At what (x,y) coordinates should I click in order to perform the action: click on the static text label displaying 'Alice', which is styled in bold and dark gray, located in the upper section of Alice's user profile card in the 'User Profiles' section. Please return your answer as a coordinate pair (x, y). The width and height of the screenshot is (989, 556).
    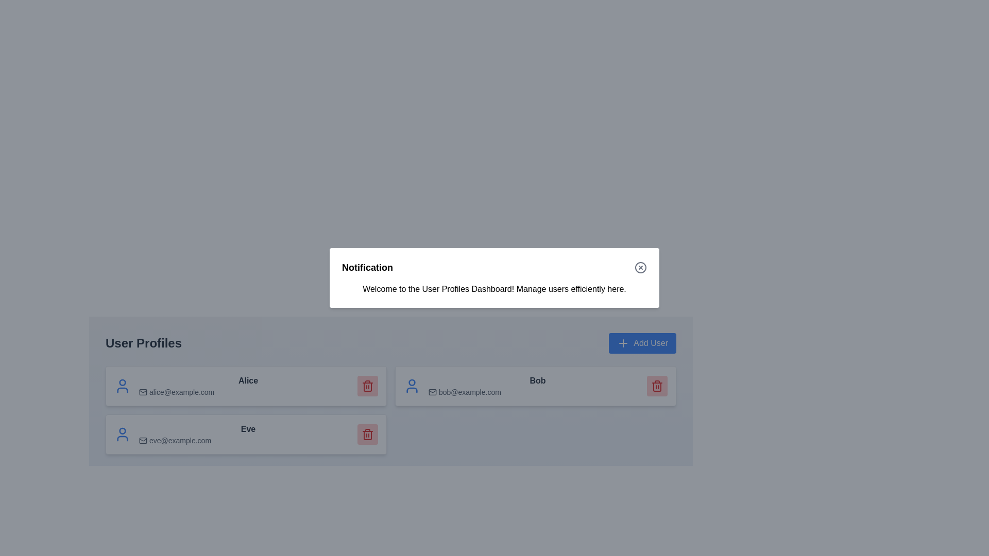
    Looking at the image, I should click on (248, 381).